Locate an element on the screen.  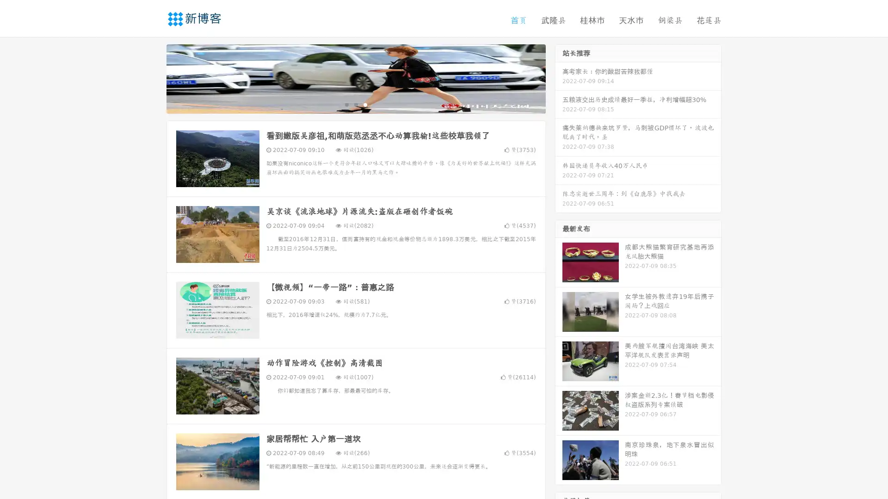
Next slide is located at coordinates (559, 78).